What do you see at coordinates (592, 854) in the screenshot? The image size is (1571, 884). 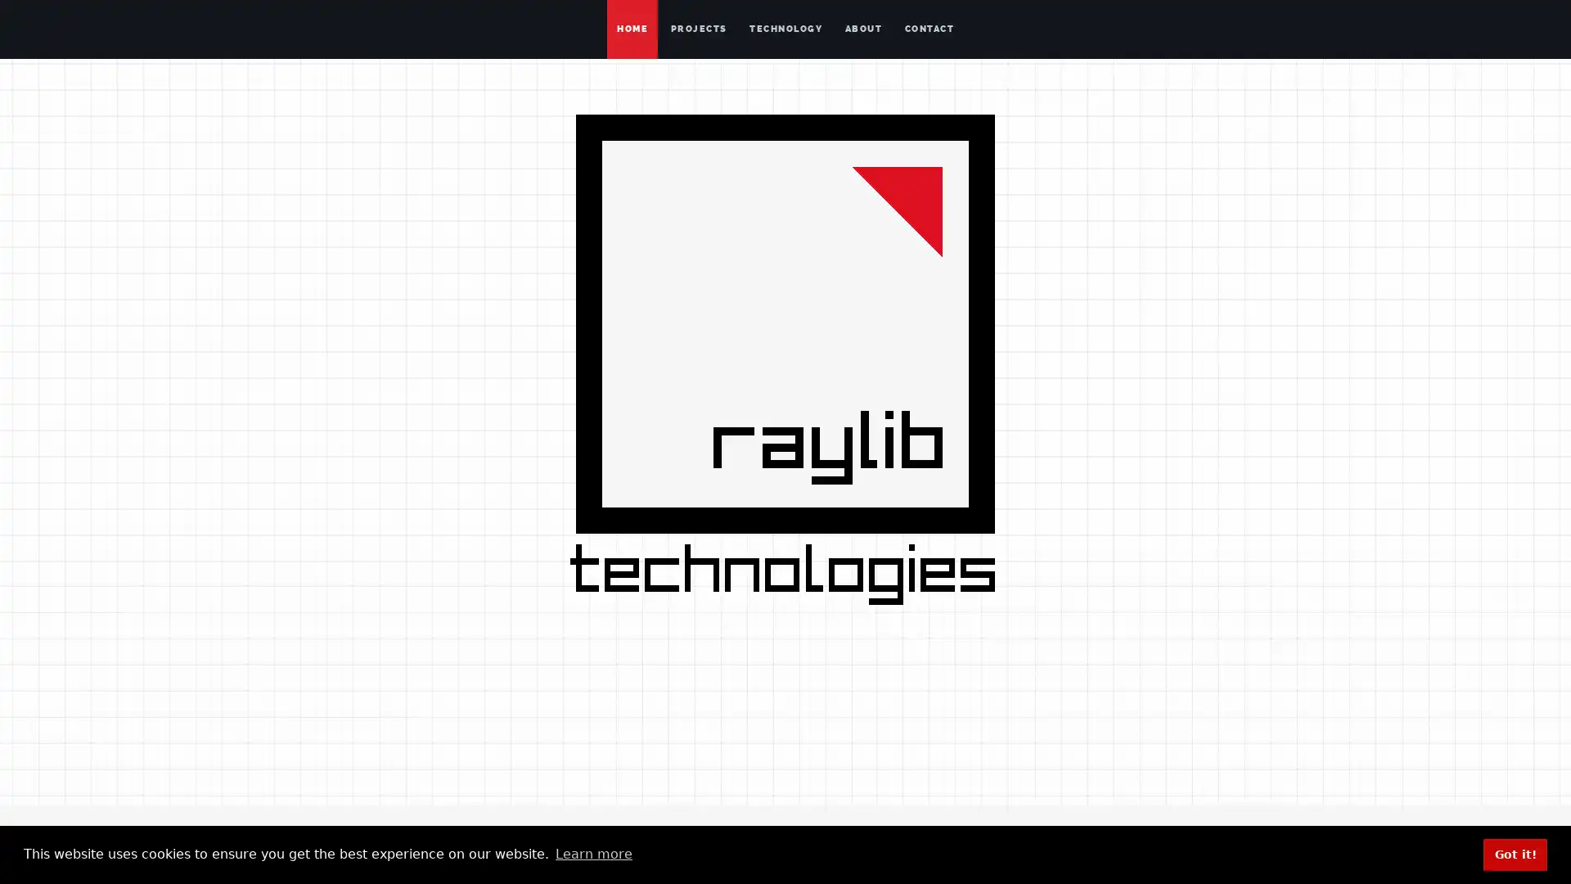 I see `learn more about cookies` at bounding box center [592, 854].